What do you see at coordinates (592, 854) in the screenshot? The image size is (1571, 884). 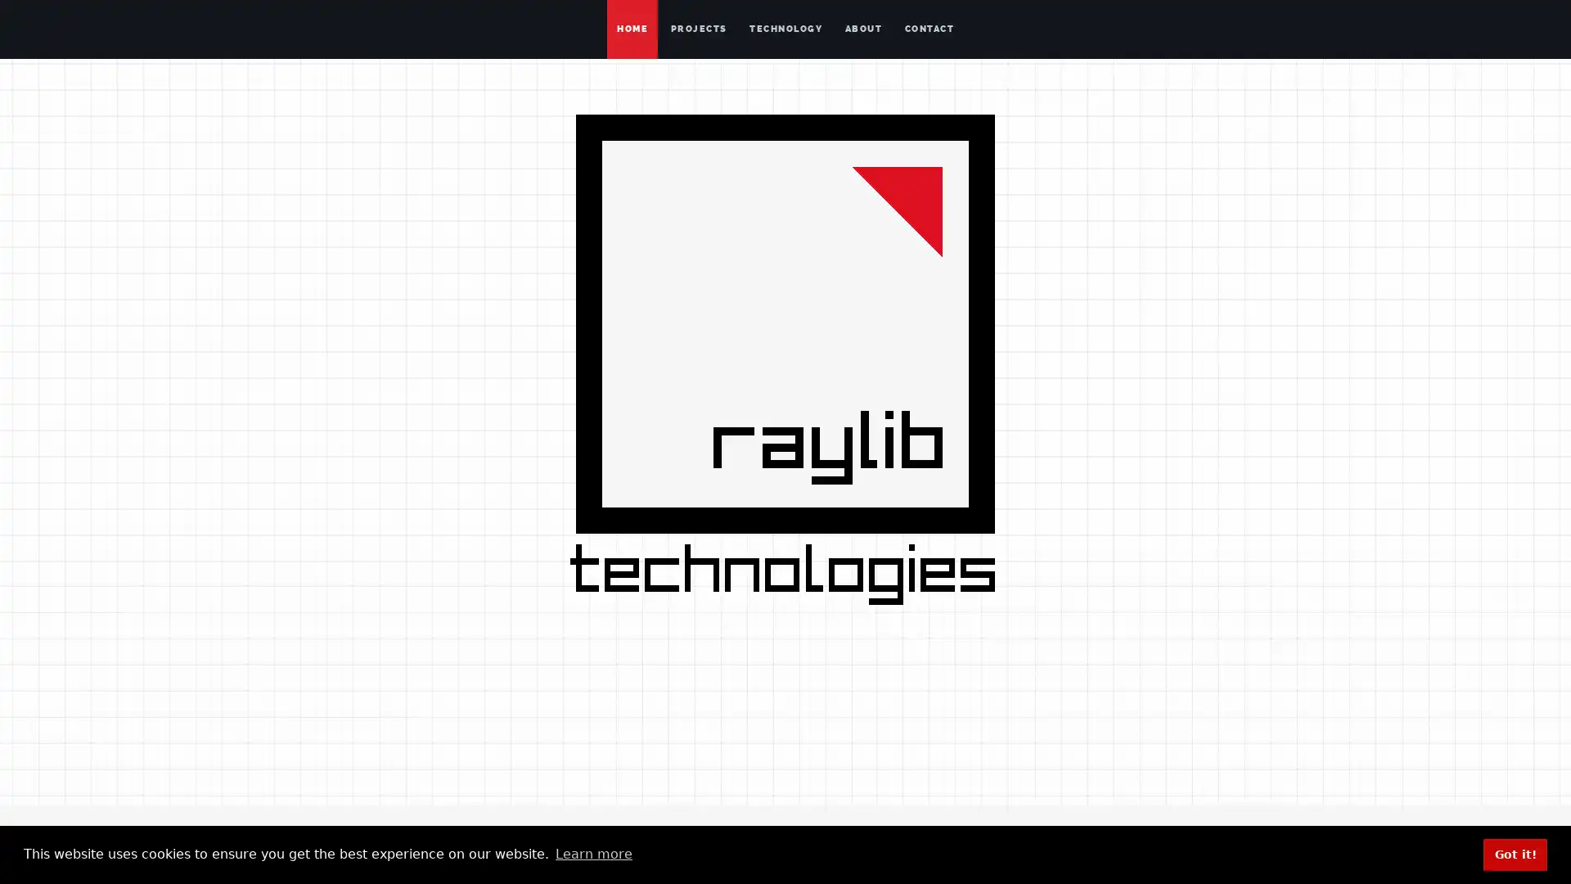 I see `learn more about cookies` at bounding box center [592, 854].